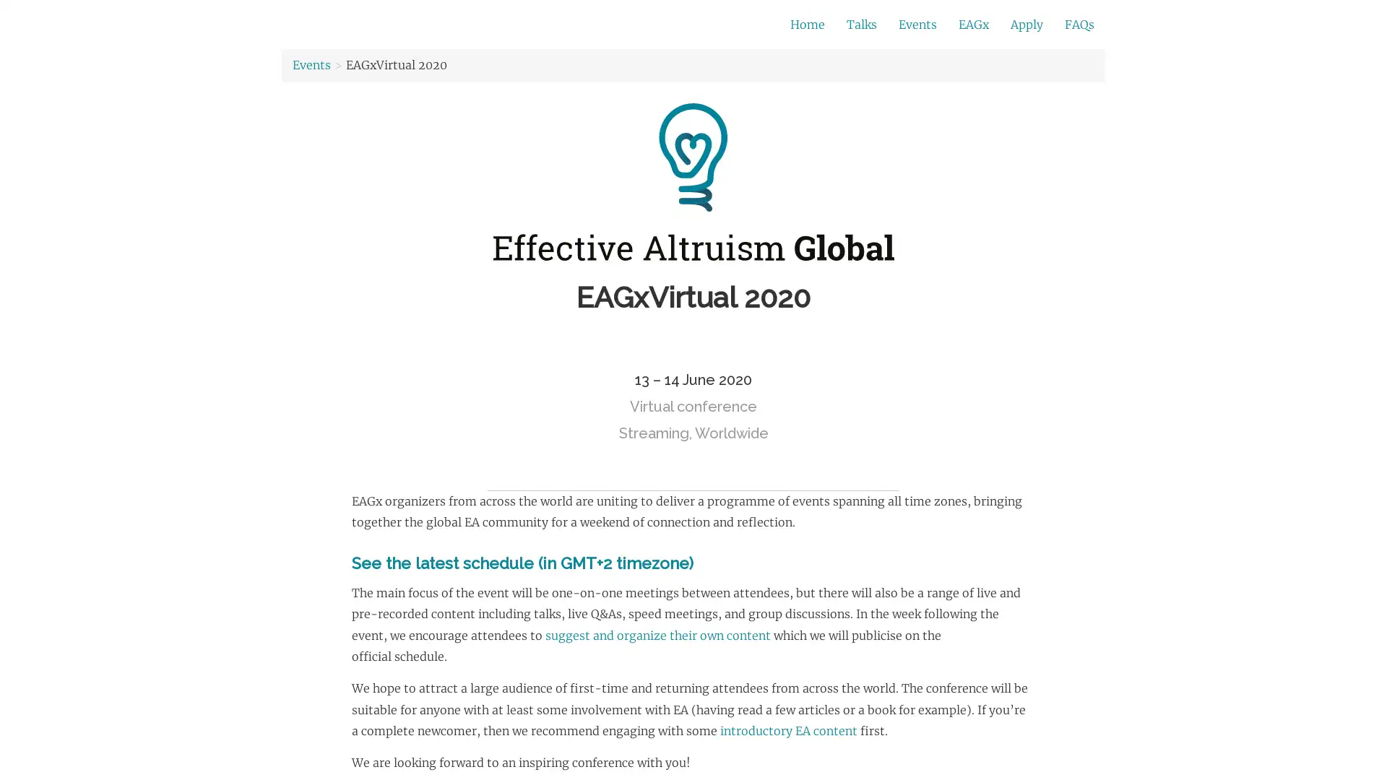 The image size is (1387, 780). I want to click on Subscribe, so click(894, 25).